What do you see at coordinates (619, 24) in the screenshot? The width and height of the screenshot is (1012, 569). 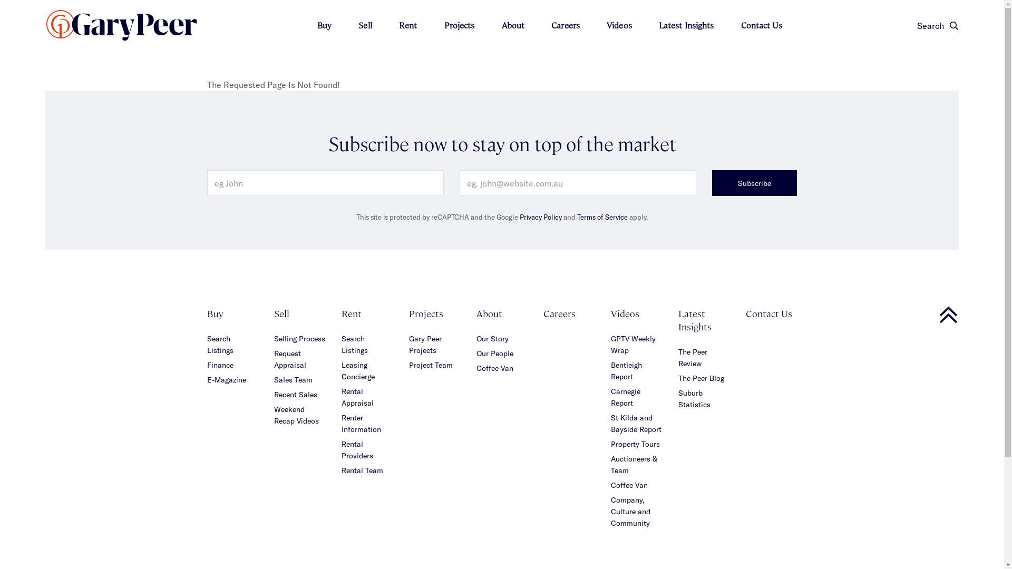 I see `'Videos'` at bounding box center [619, 24].